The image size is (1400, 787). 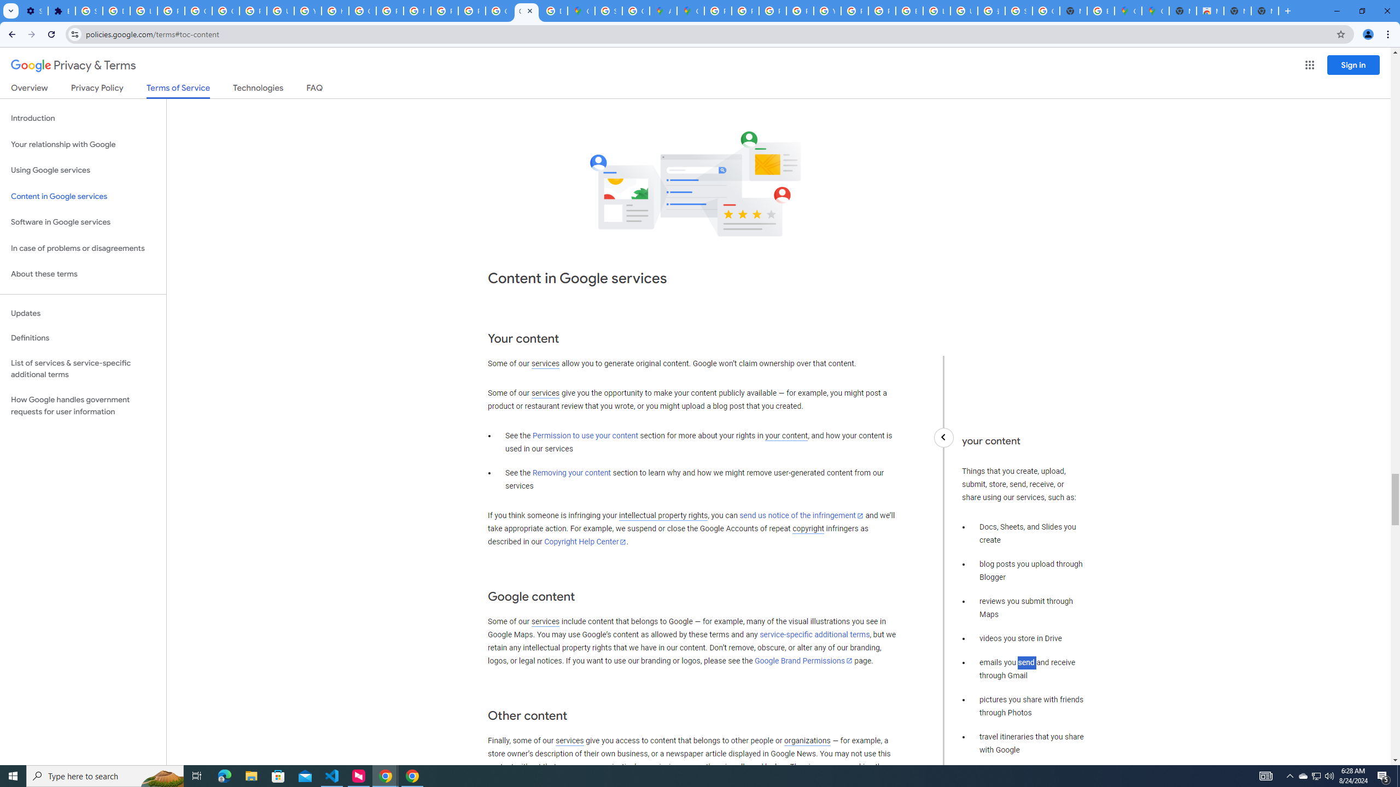 I want to click on 'Definitions', so click(x=83, y=338).